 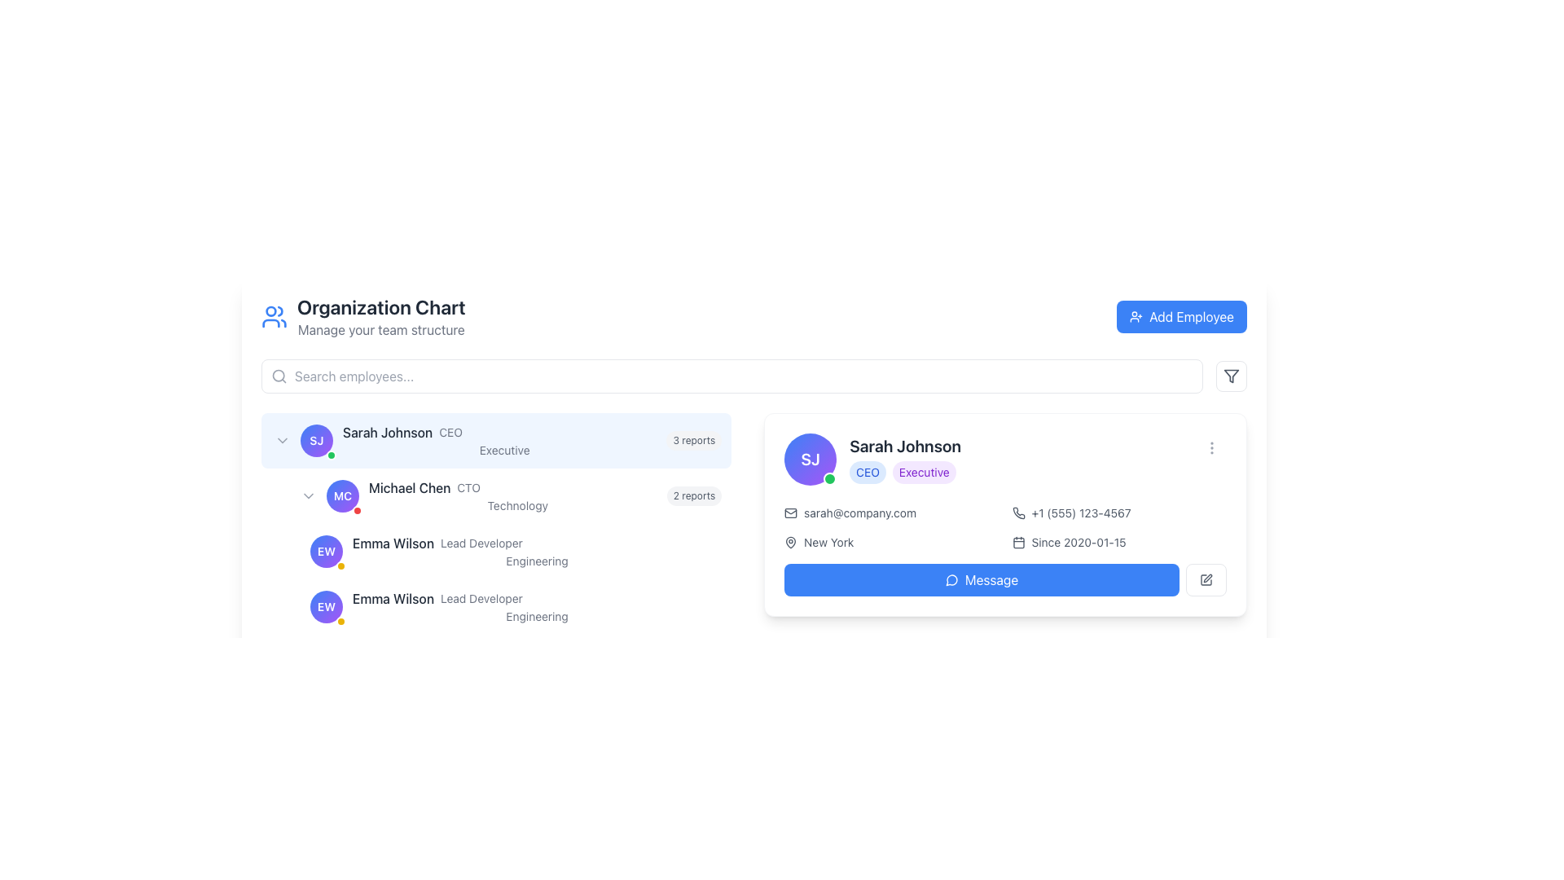 What do you see at coordinates (279, 376) in the screenshot?
I see `the central SVG circle of the search icon, which indicates searching functionality` at bounding box center [279, 376].